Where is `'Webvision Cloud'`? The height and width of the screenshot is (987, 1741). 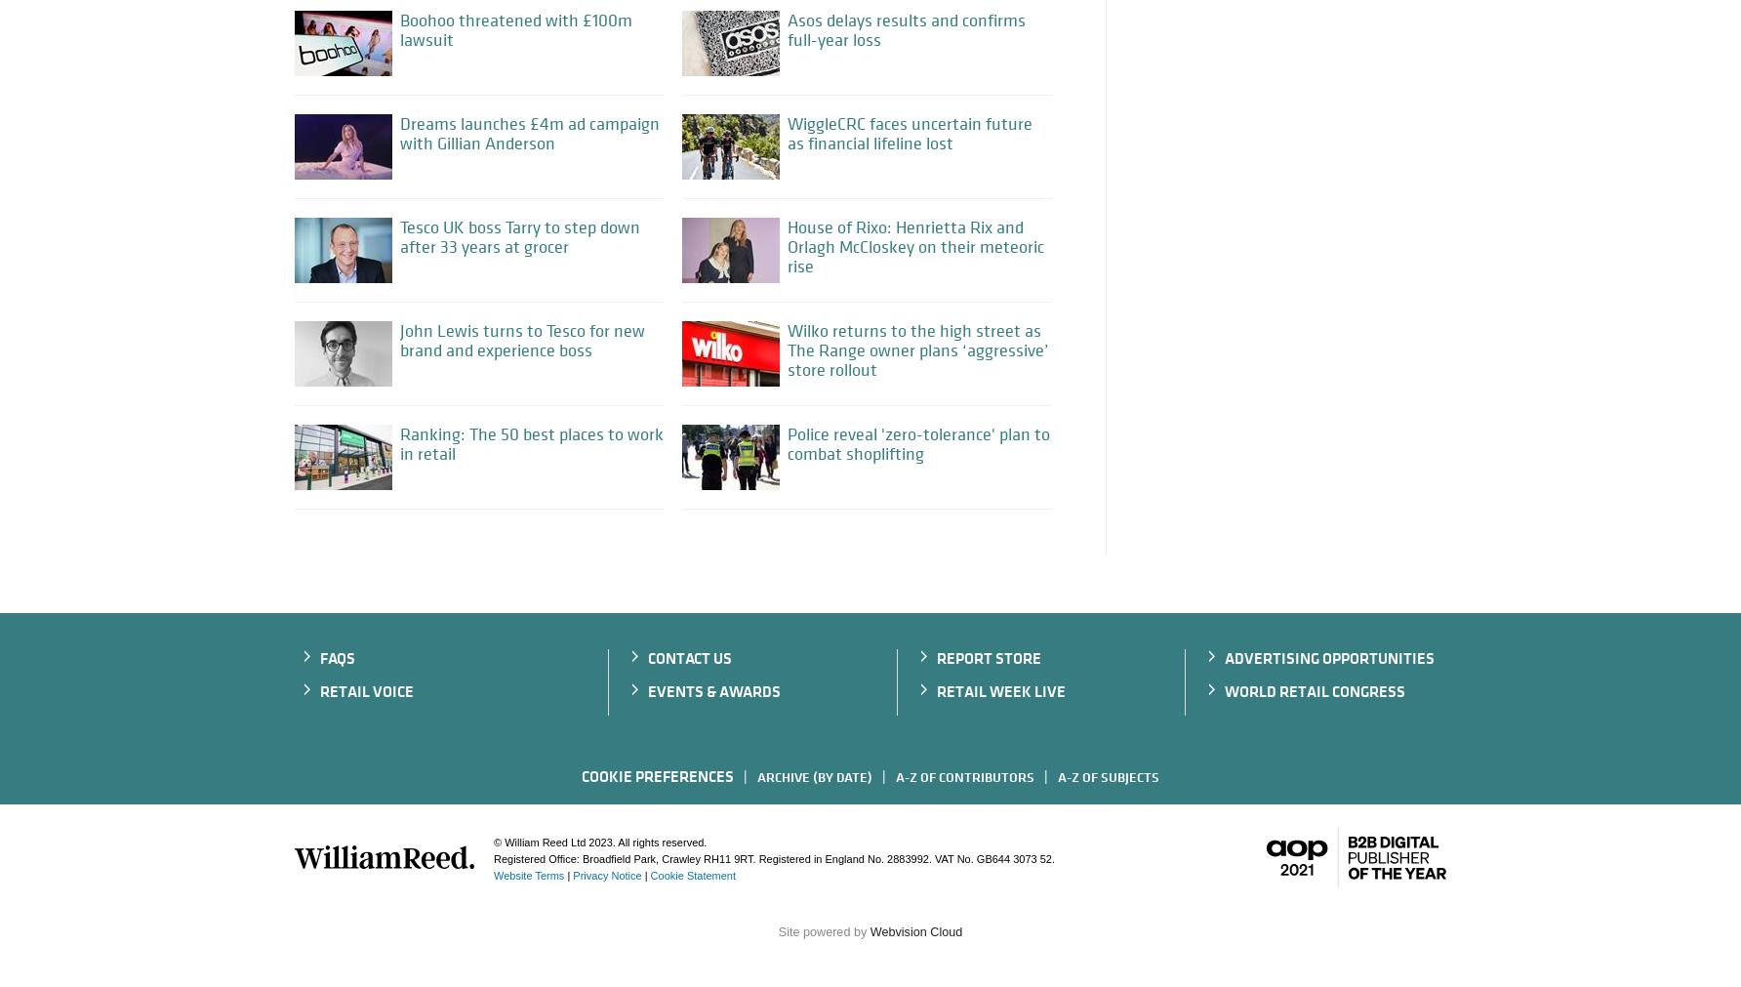
'Webvision Cloud' is located at coordinates (915, 930).